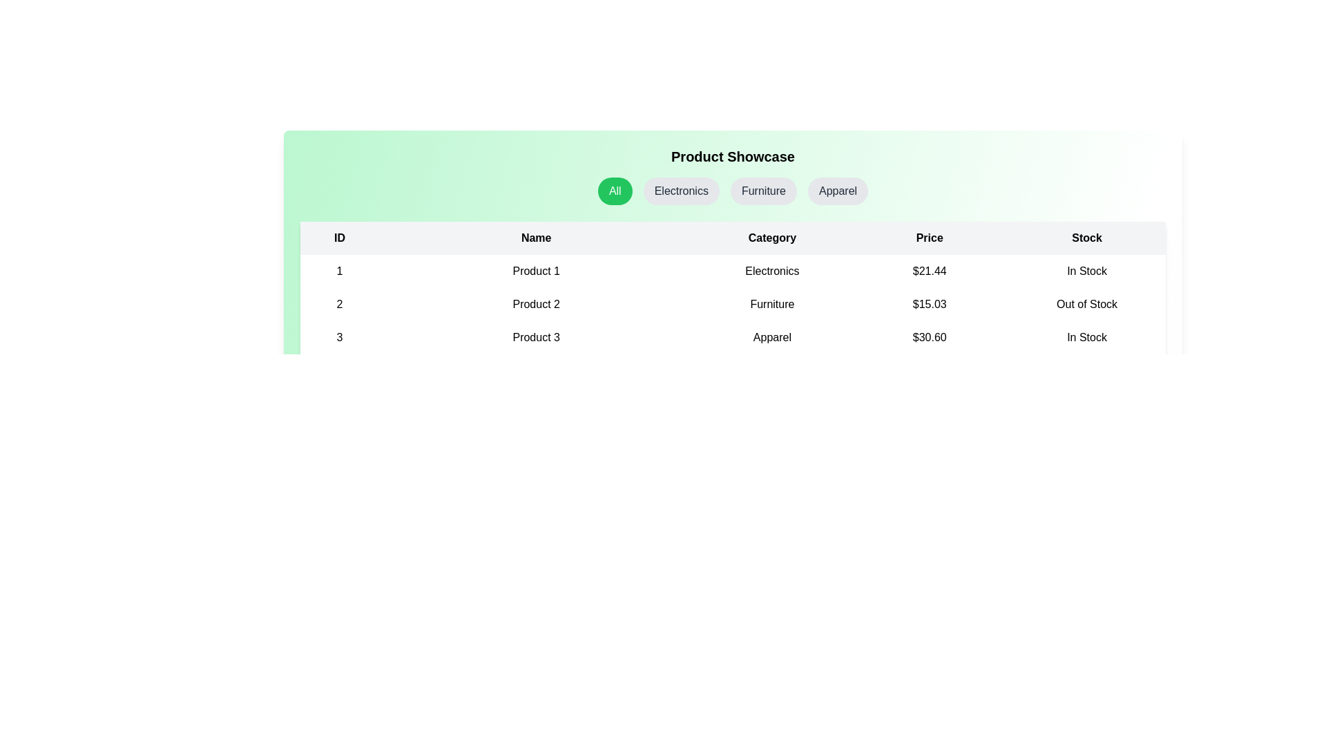 Image resolution: width=1326 pixels, height=746 pixels. Describe the element at coordinates (732, 271) in the screenshot. I see `the row corresponding to the product with ID 1` at that location.